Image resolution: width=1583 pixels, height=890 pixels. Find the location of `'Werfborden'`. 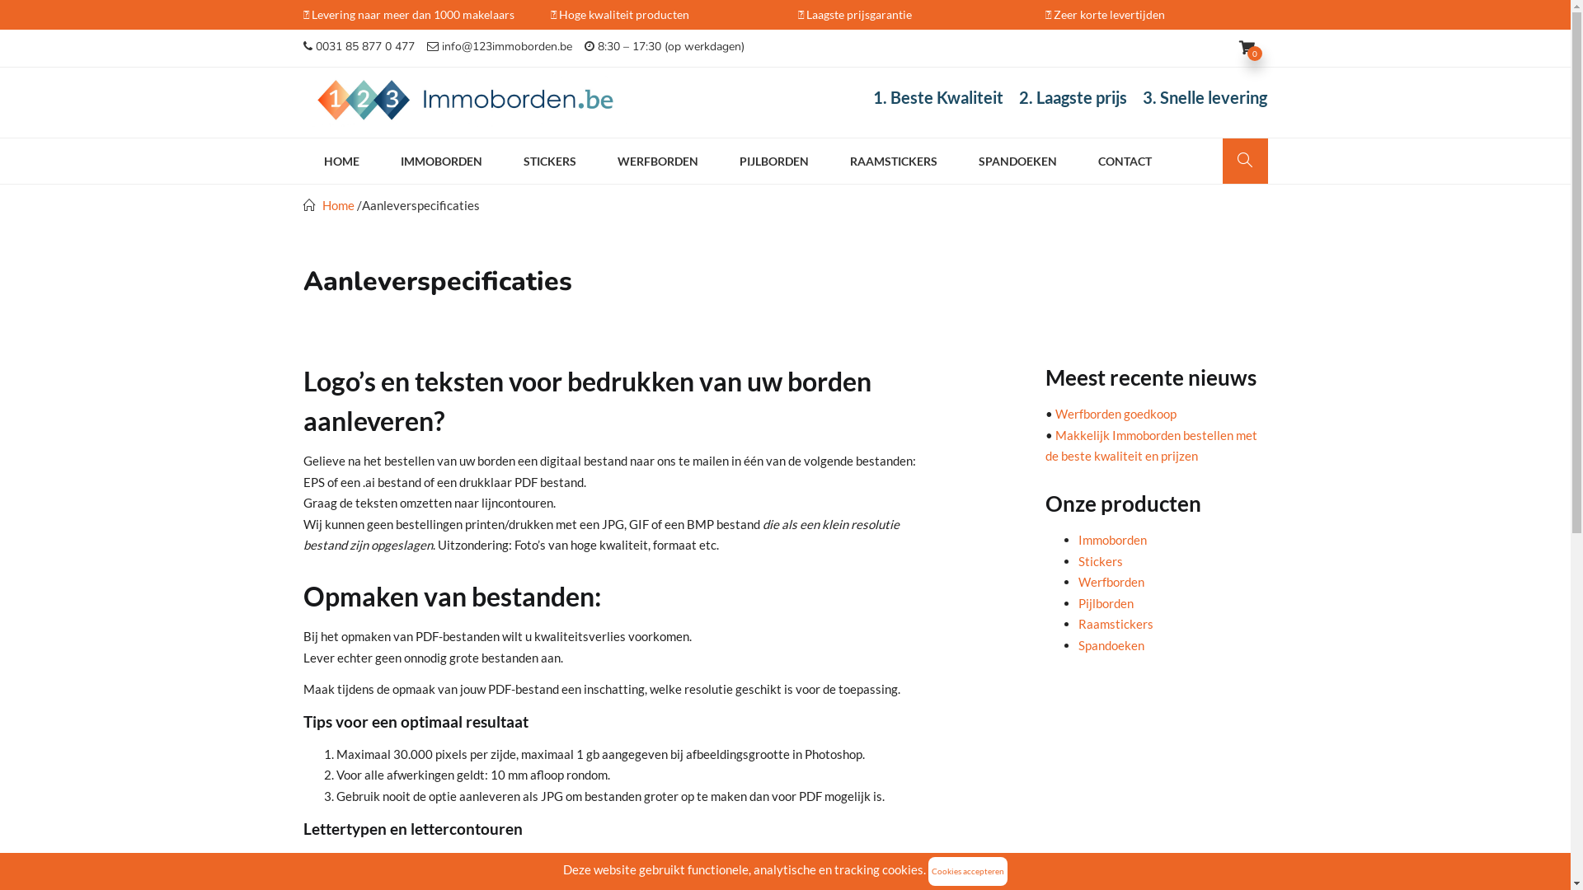

'Werfborden' is located at coordinates (1111, 580).